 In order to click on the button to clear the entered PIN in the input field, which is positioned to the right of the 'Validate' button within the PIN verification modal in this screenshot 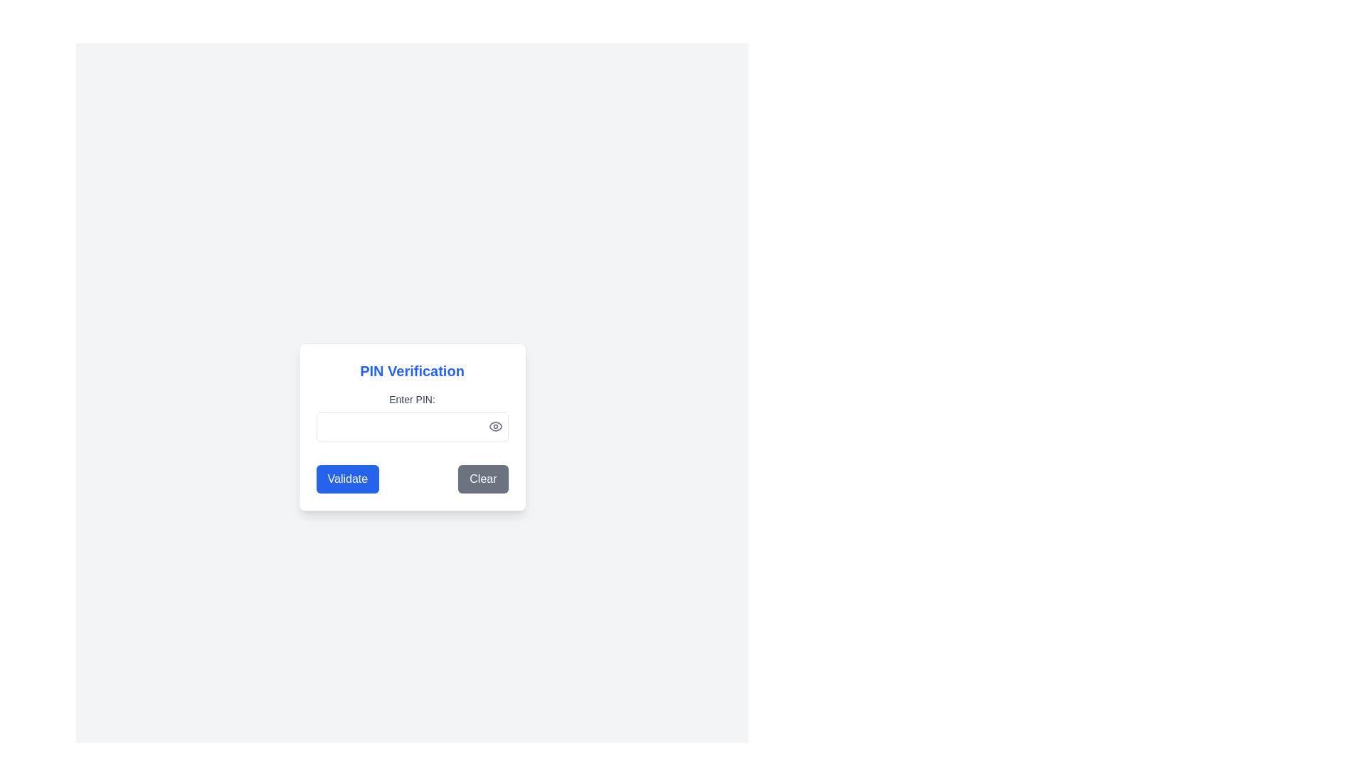, I will do `click(483, 479)`.